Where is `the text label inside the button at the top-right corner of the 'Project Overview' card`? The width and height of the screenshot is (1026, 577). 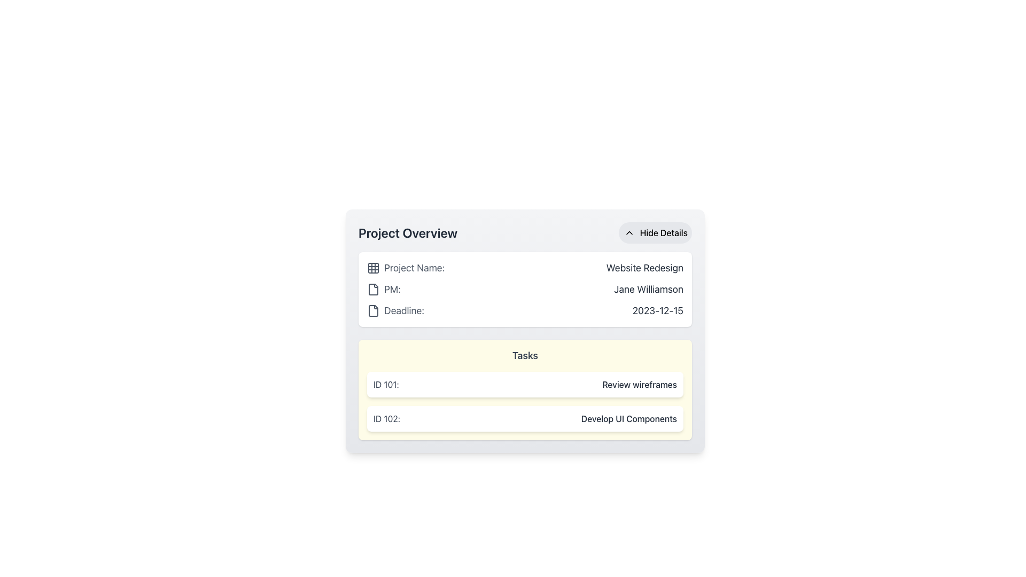
the text label inside the button at the top-right corner of the 'Project Overview' card is located at coordinates (663, 232).